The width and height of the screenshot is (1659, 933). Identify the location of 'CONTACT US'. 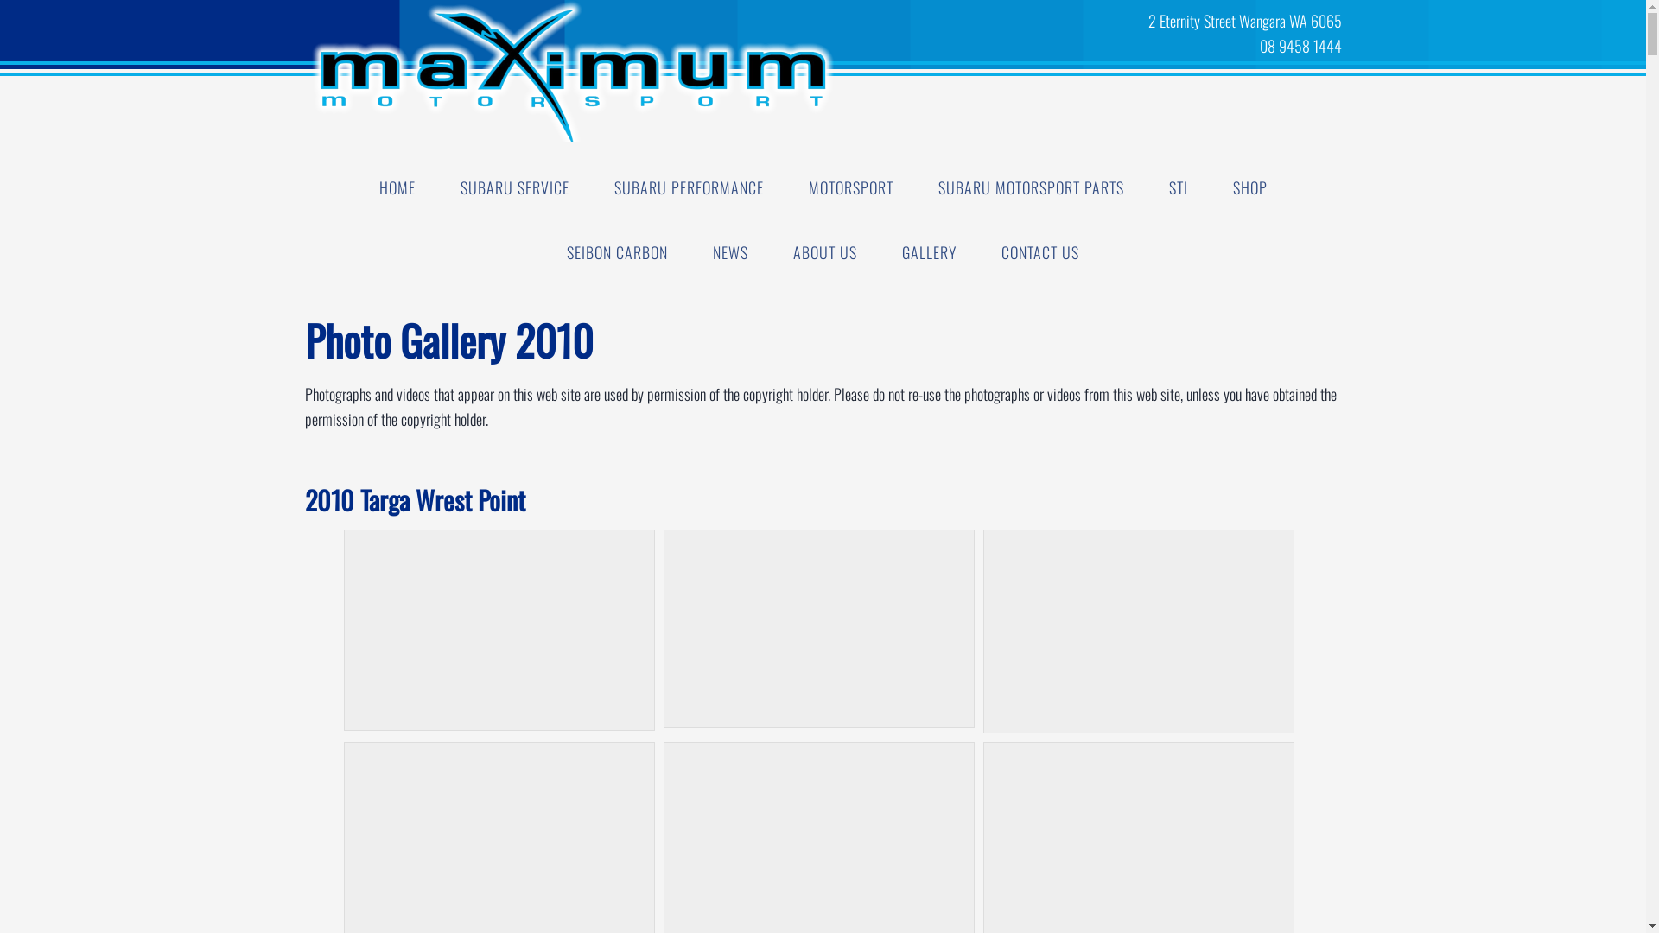
(1039, 252).